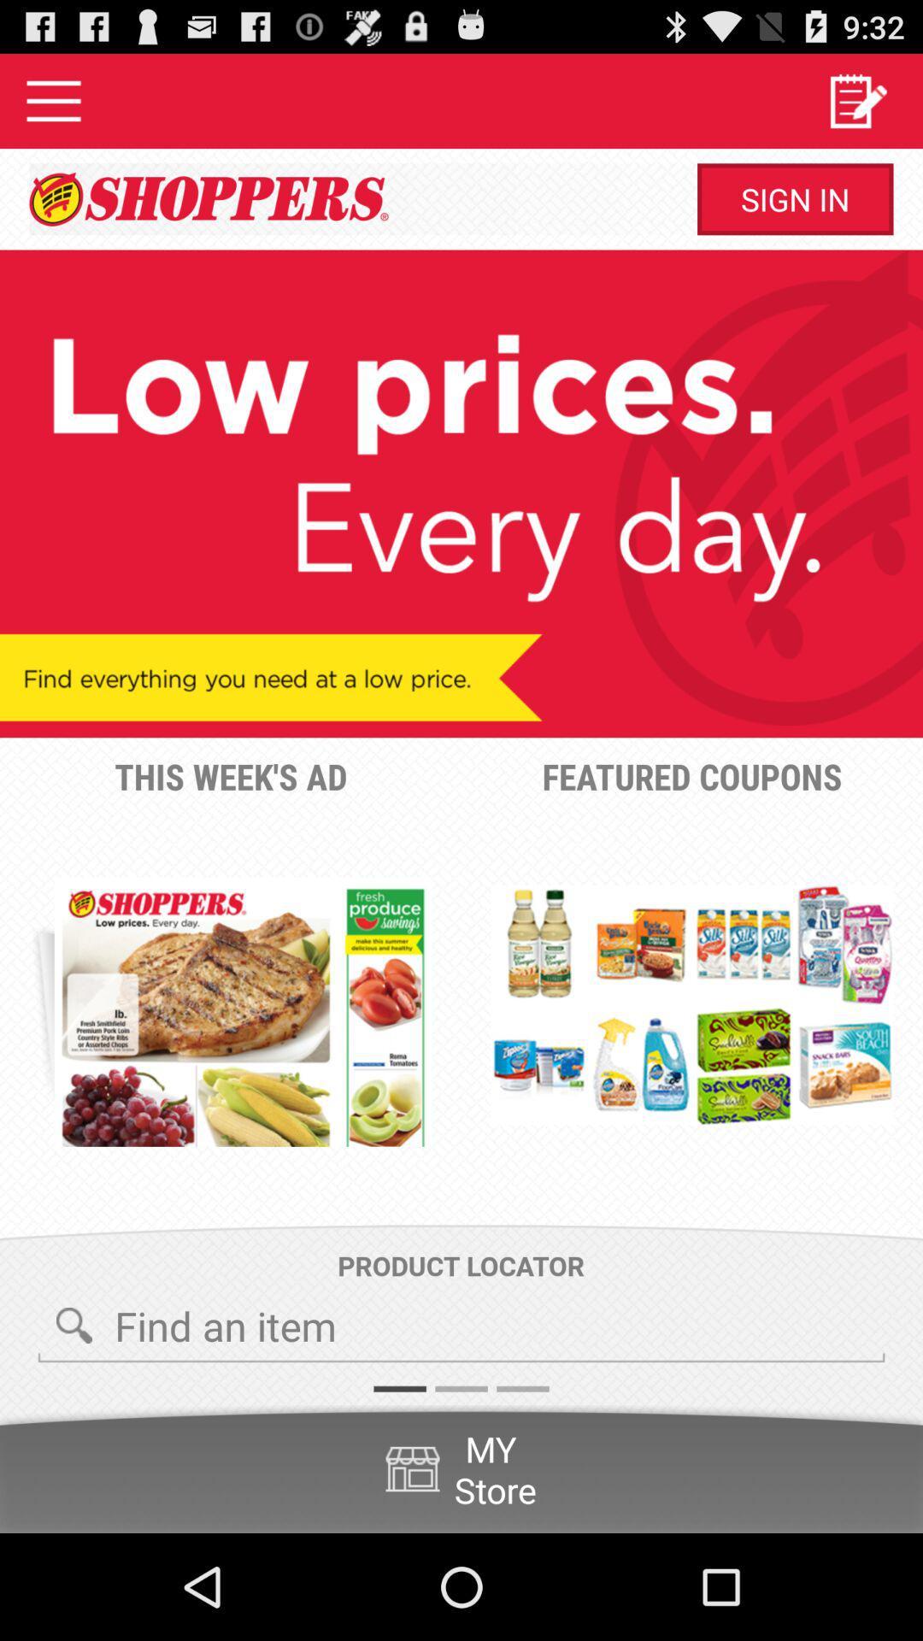 Image resolution: width=923 pixels, height=1641 pixels. I want to click on the item to the left of the featured coupons icon, so click(243, 1012).